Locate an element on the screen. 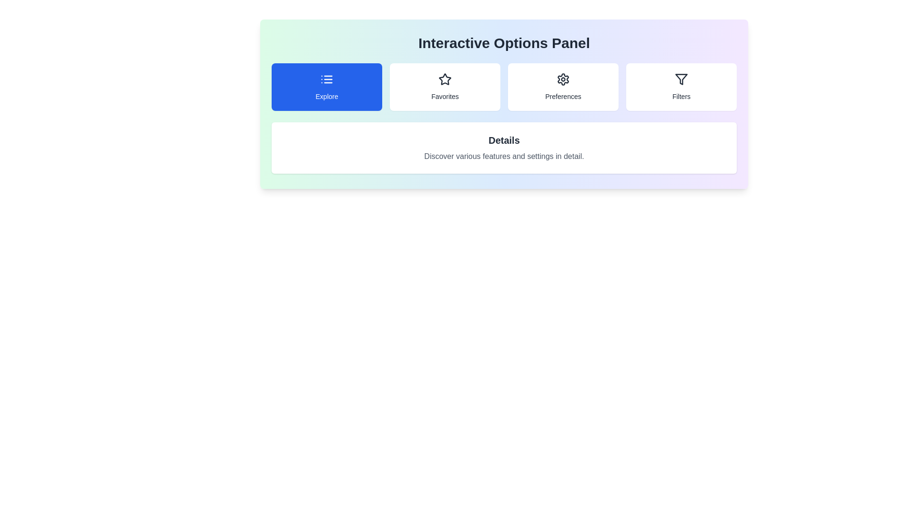 Image resolution: width=915 pixels, height=514 pixels. the 'Explore' button icon that depicts three horizontal lines with dots, styled in white on a blue background is located at coordinates (327, 79).